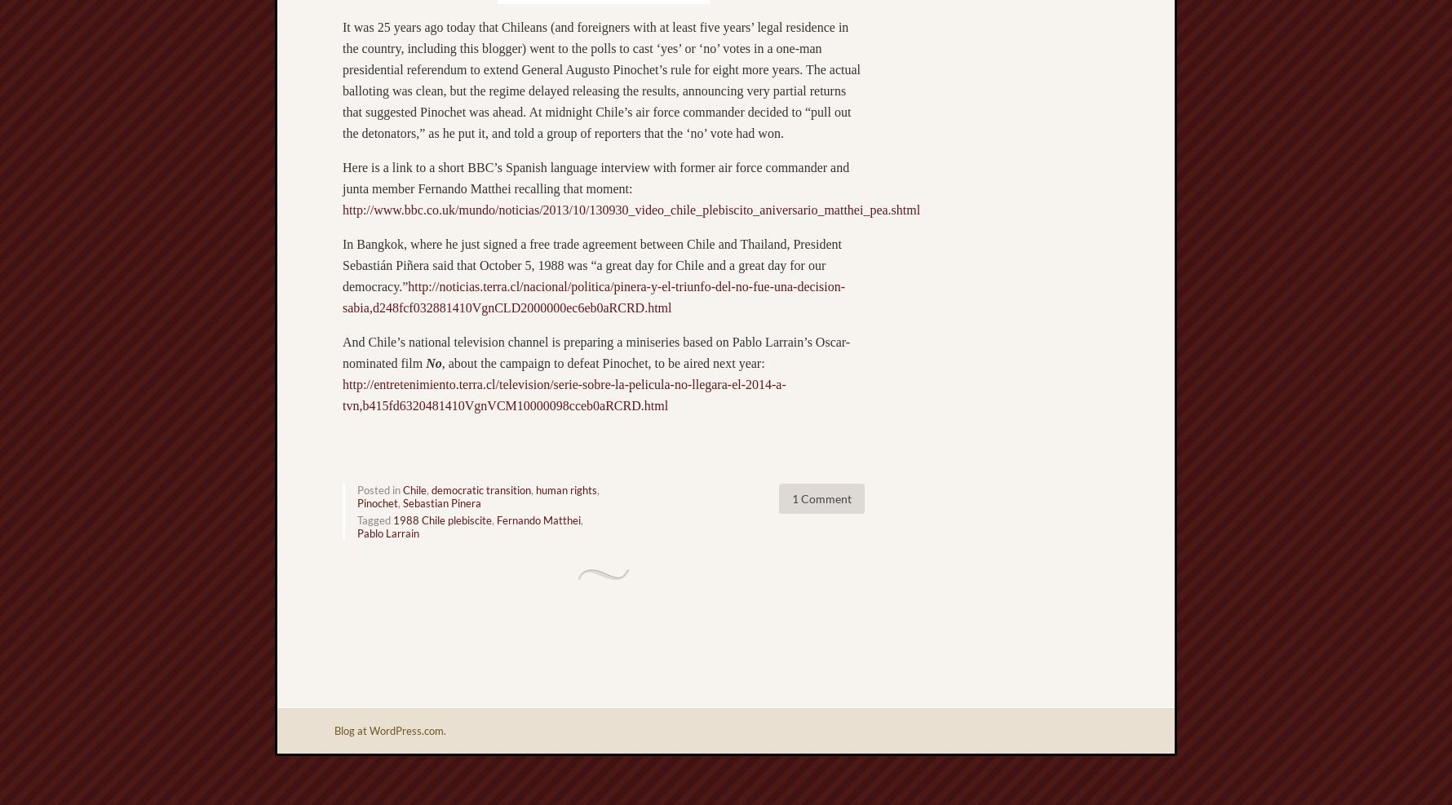 This screenshot has height=805, width=1452. What do you see at coordinates (432, 362) in the screenshot?
I see `'No'` at bounding box center [432, 362].